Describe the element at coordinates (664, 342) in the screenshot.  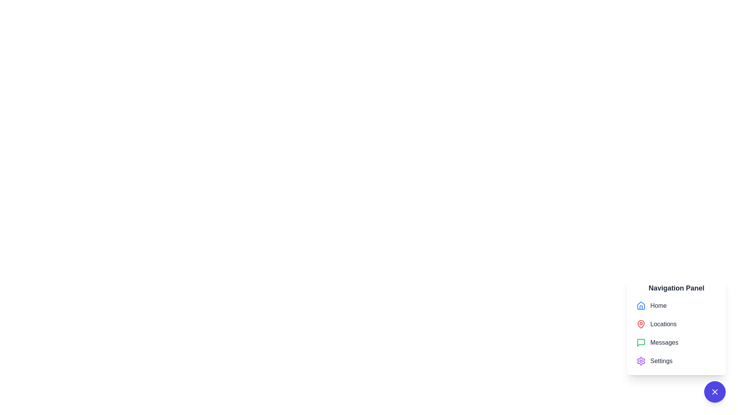
I see `the Text Label in the vertical navigation menu that indicates messages-related features, positioned to the right of the green speech-bubble icon` at that location.